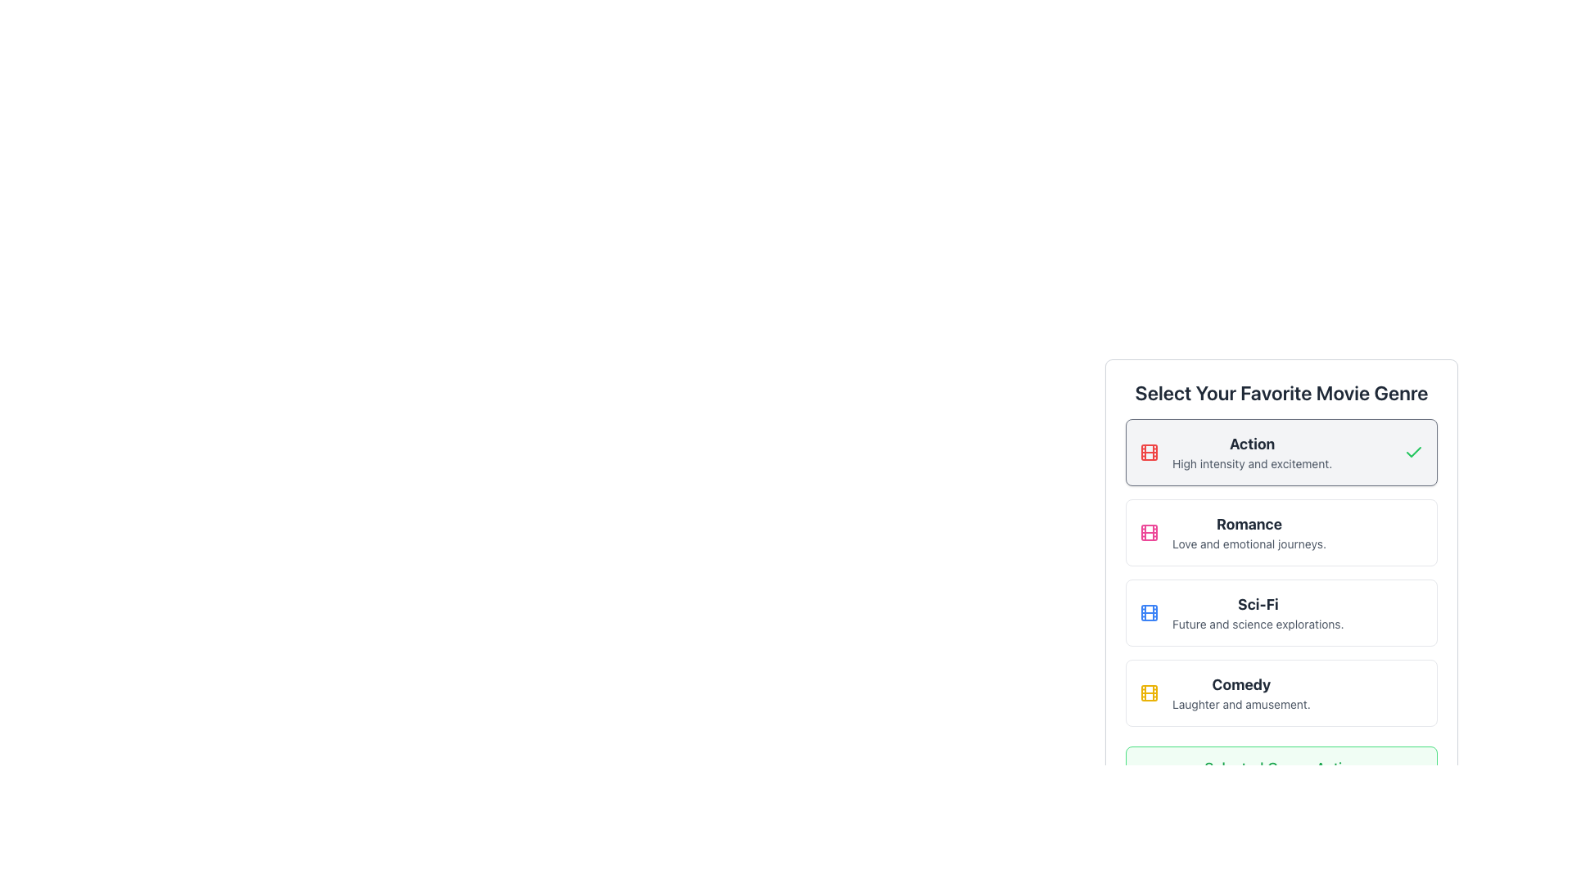  What do you see at coordinates (1281, 693) in the screenshot?
I see `the 'Comedy' genre list item, which is the fourth item in the vertical list of movie genres, featuring a bold dark gray title and a yellow film reel icon on the left` at bounding box center [1281, 693].